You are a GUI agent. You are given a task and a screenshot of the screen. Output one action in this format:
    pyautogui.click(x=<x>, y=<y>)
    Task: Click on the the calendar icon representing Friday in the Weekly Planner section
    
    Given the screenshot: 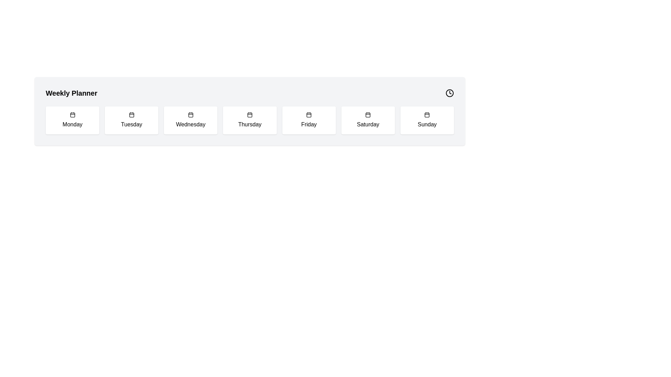 What is the action you would take?
    pyautogui.click(x=309, y=114)
    